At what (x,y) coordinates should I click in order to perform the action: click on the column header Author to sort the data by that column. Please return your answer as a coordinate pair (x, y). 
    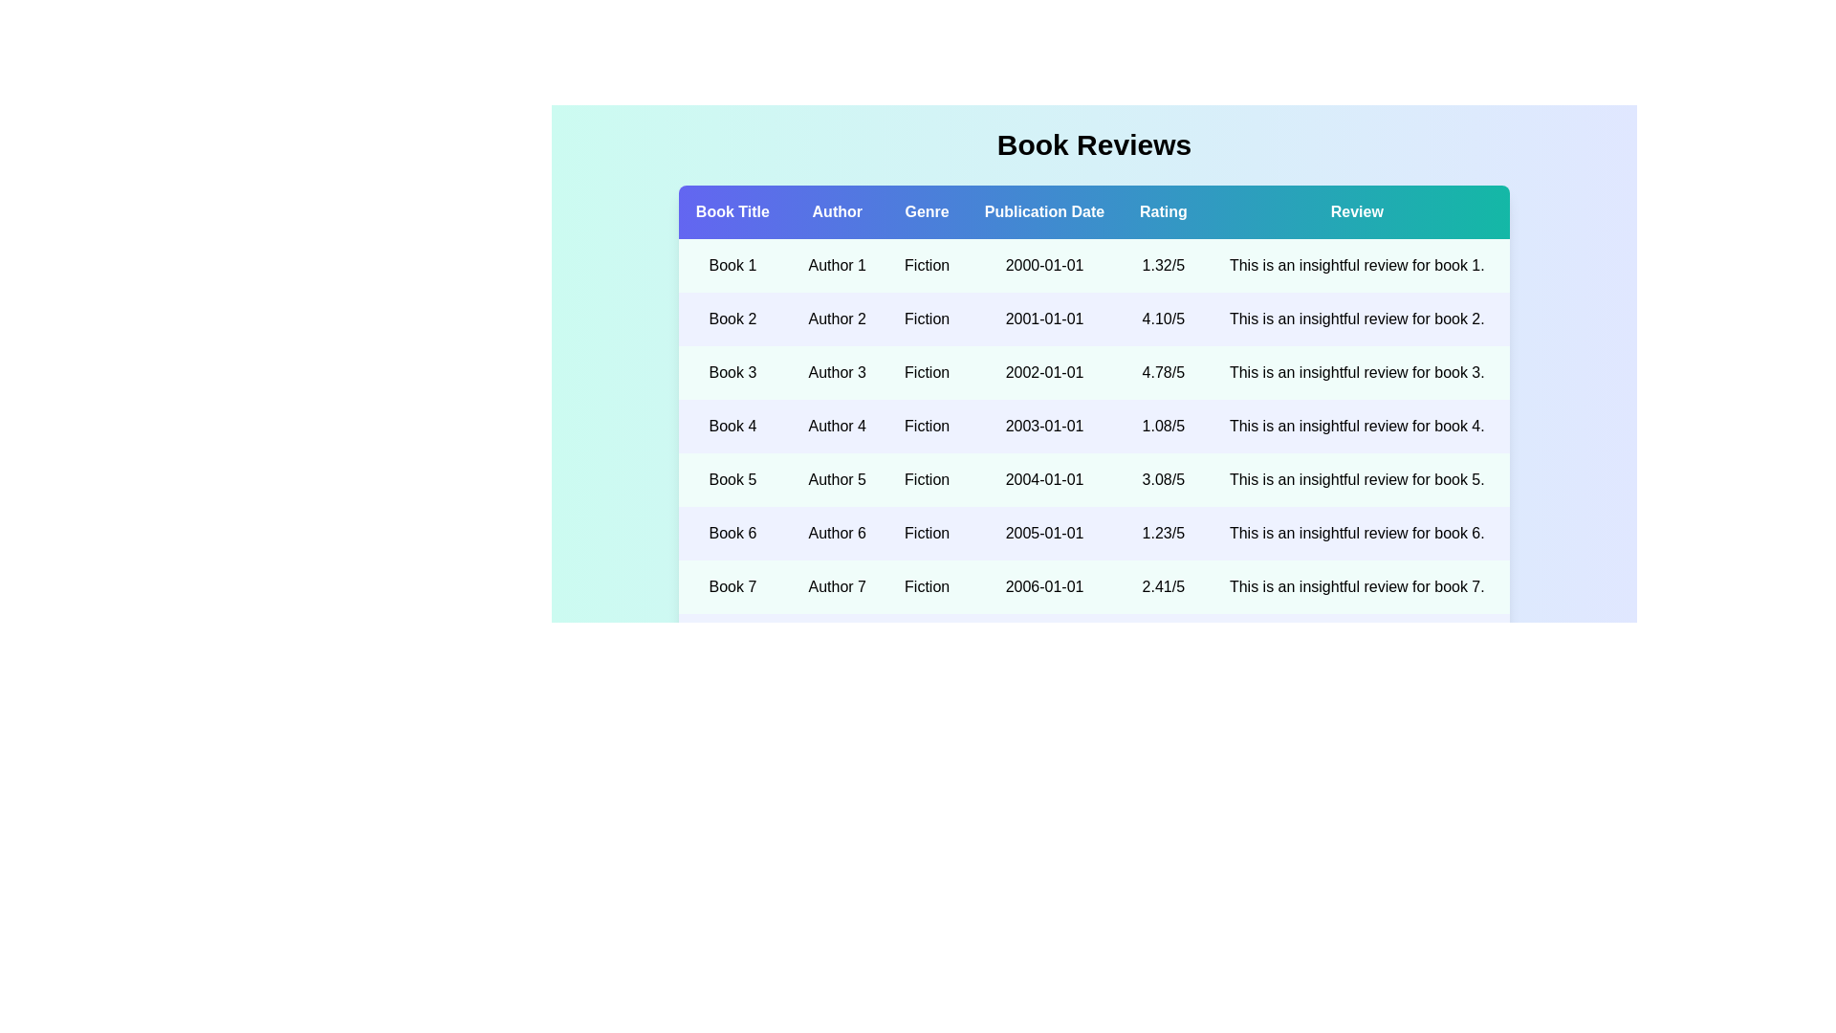
    Looking at the image, I should click on (837, 212).